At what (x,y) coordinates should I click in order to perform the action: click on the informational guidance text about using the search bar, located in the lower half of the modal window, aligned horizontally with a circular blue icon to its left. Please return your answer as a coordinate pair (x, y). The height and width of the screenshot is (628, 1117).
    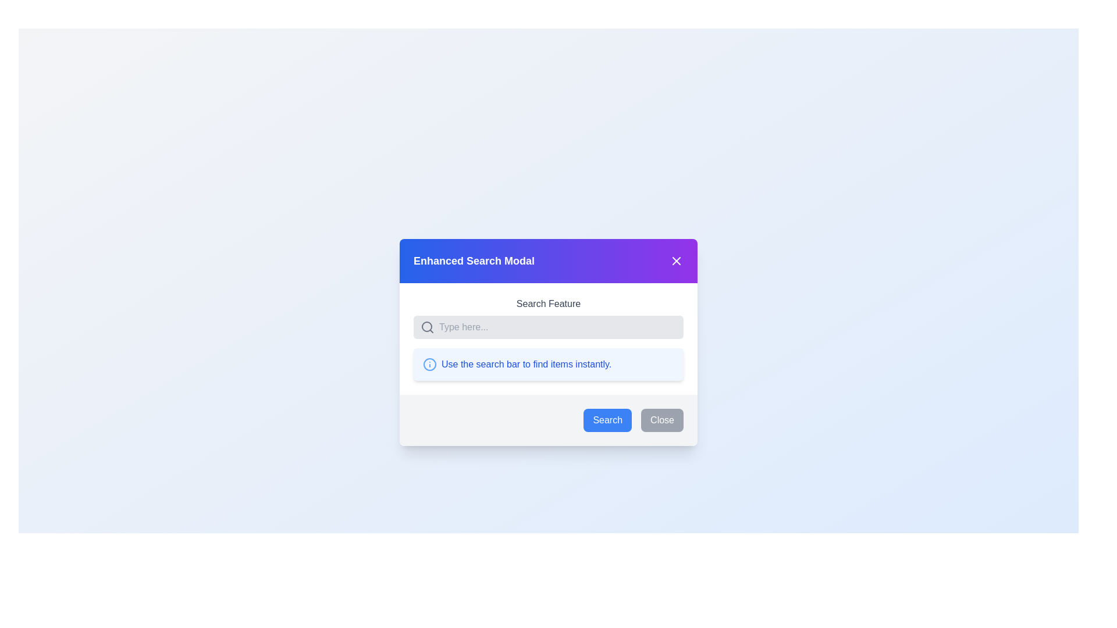
    Looking at the image, I should click on (526, 364).